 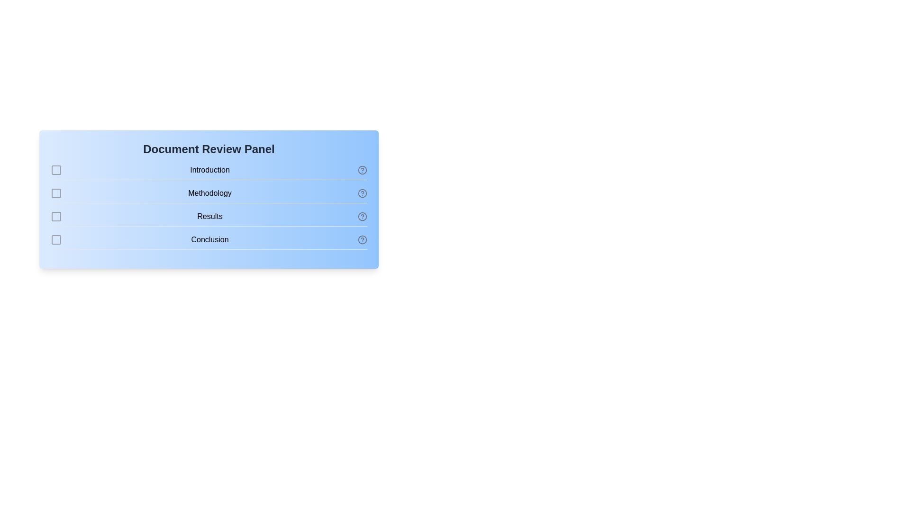 I want to click on the section Introduction, so click(x=56, y=169).